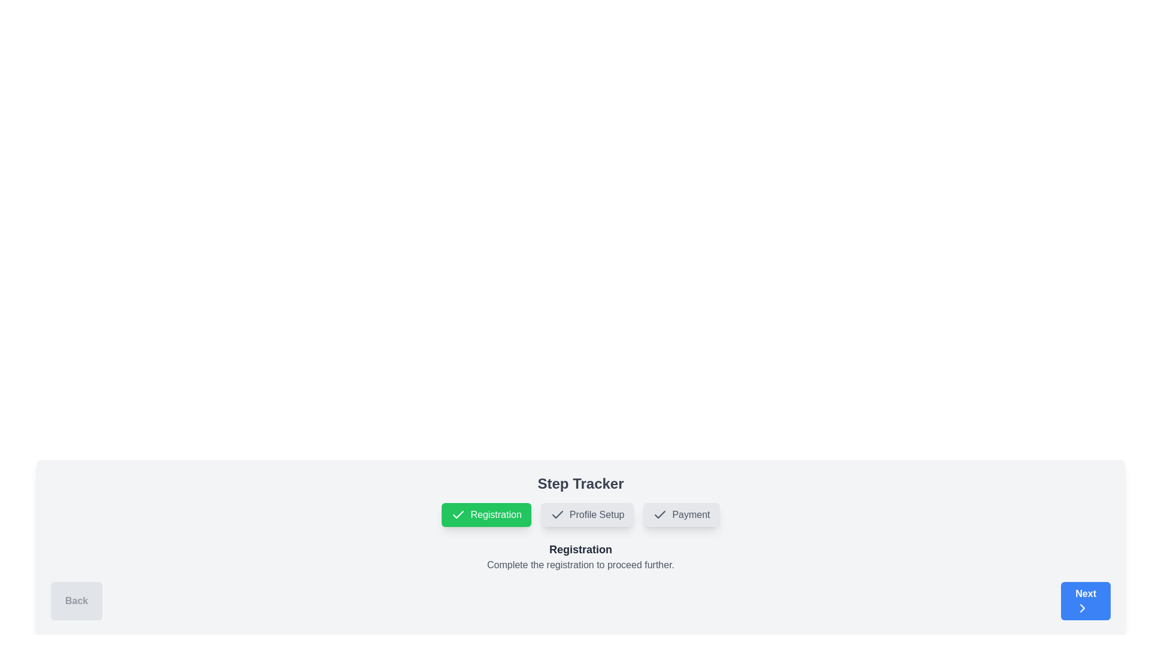 The width and height of the screenshot is (1149, 646). Describe the element at coordinates (458, 514) in the screenshot. I see `the checkmark icon within the 'Registration' step of the step tracker, which is styled as a part of an active green button` at that location.